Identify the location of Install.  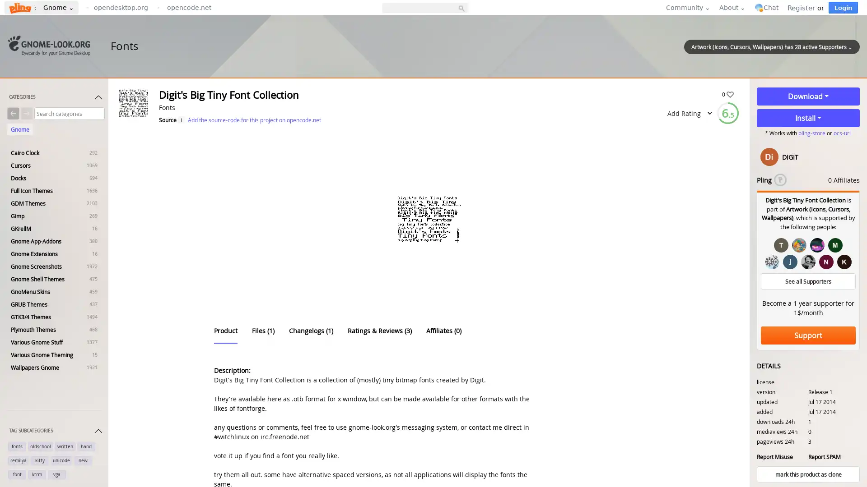
(808, 118).